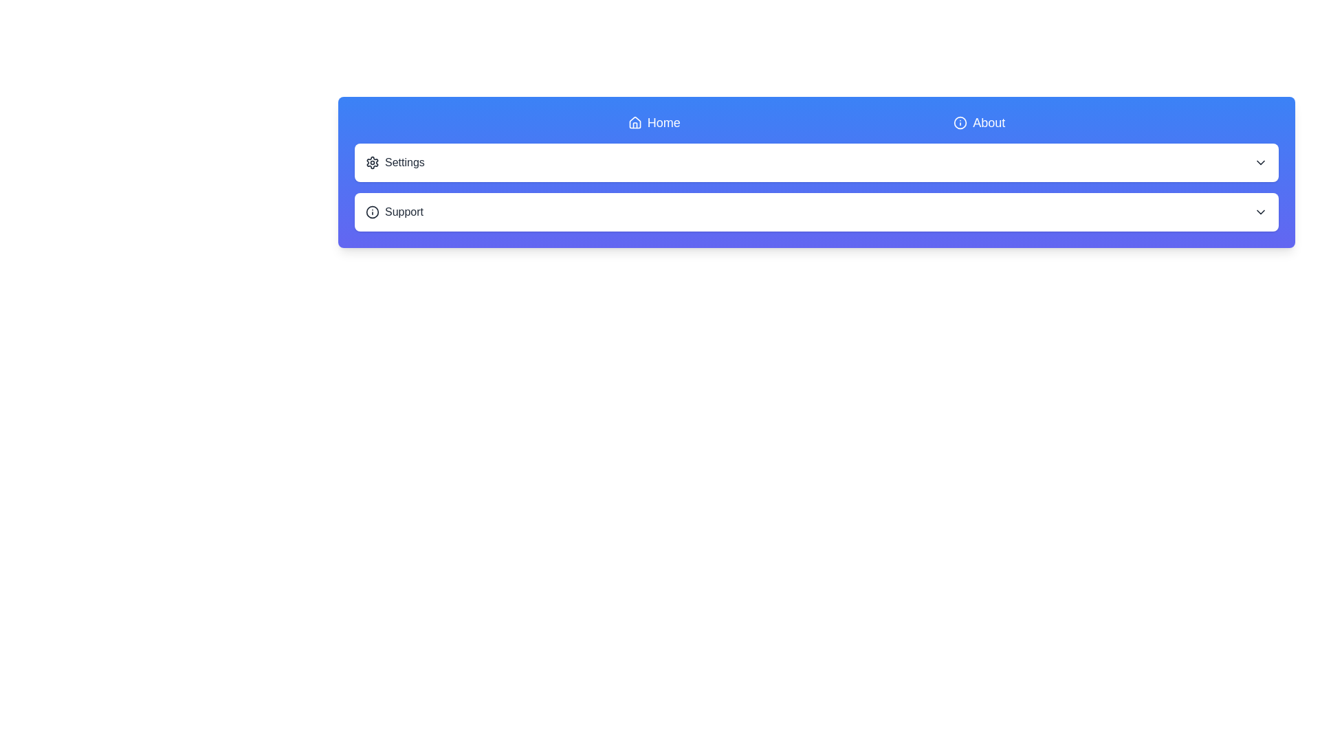 The image size is (1320, 742). I want to click on the settings icon located to the left of the 'Settings' text, so click(373, 161).